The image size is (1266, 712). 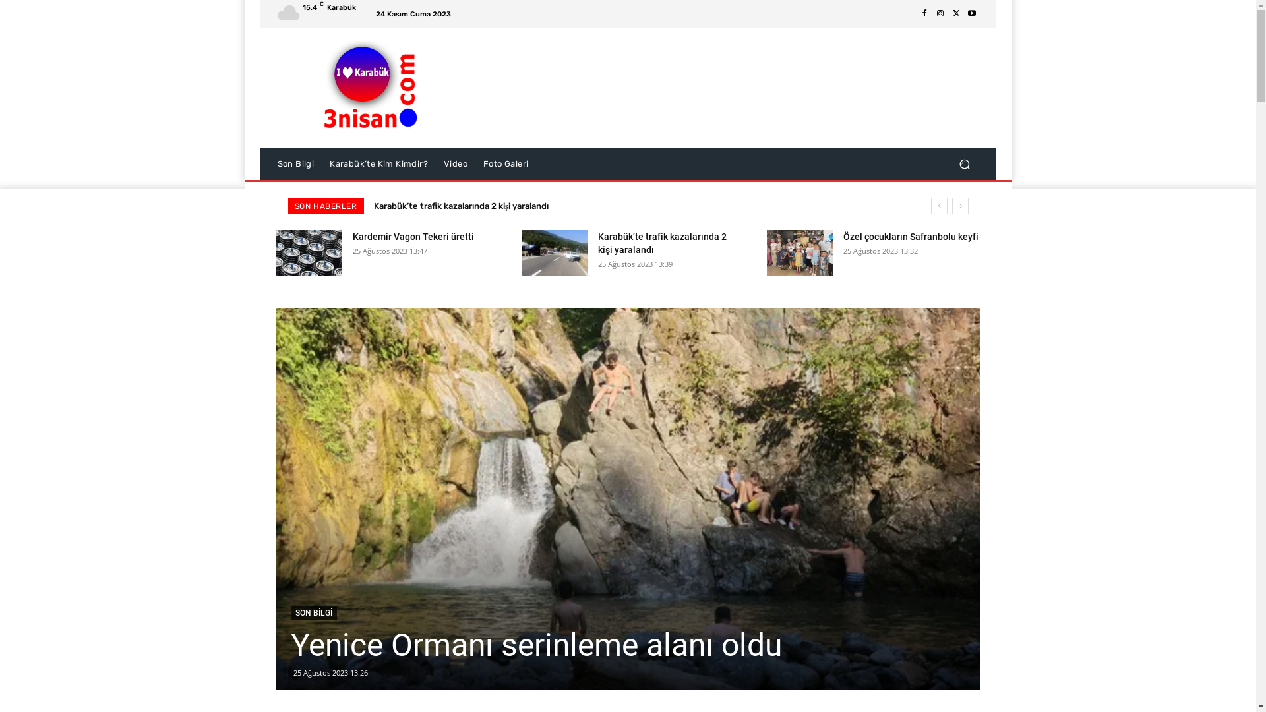 What do you see at coordinates (971, 13) in the screenshot?
I see `'Youtube'` at bounding box center [971, 13].